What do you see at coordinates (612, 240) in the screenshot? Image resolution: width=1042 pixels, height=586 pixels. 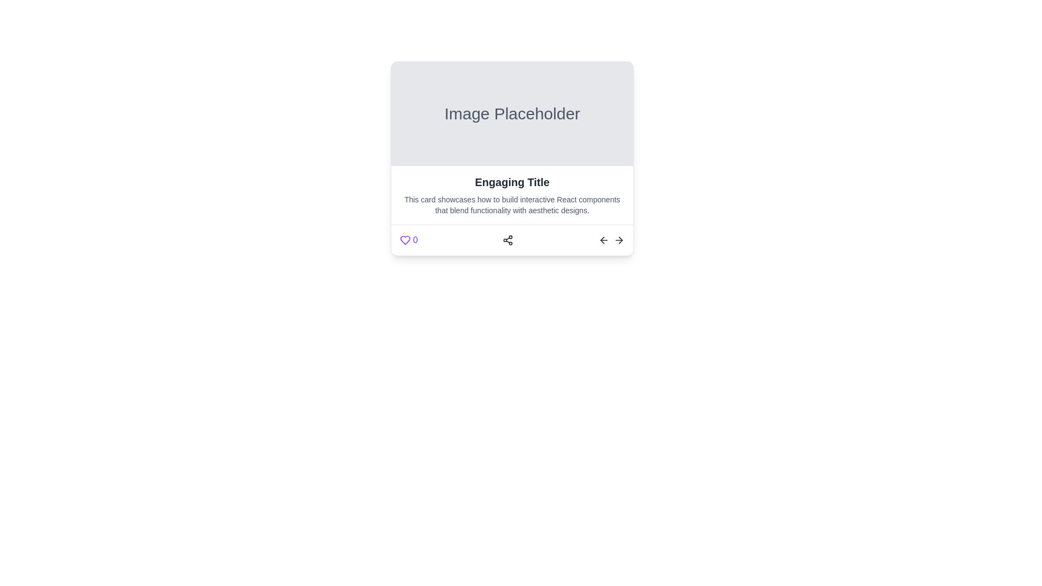 I see `the right arrow icon in the bottom-right section of the card component` at bounding box center [612, 240].